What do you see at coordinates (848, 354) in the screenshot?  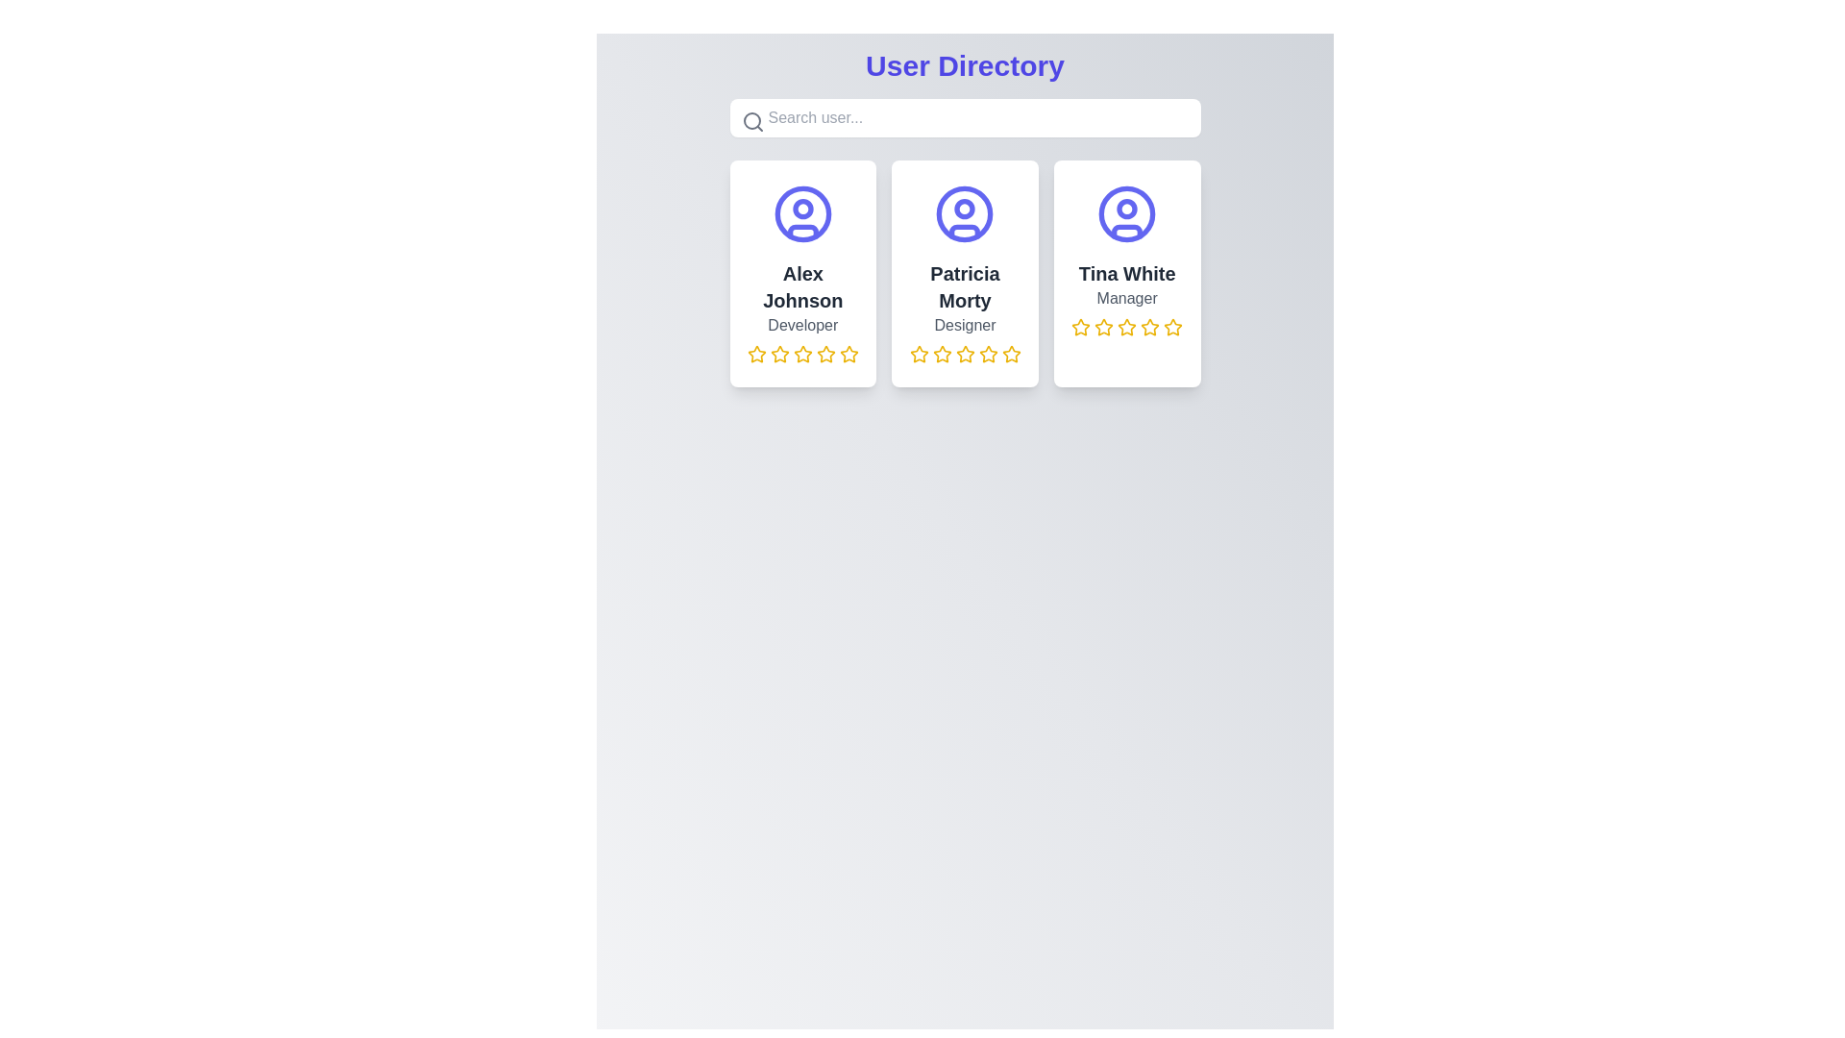 I see `the fifth star icon in the rating bar at the bottom of the user card for 'Alex Johnson'` at bounding box center [848, 354].